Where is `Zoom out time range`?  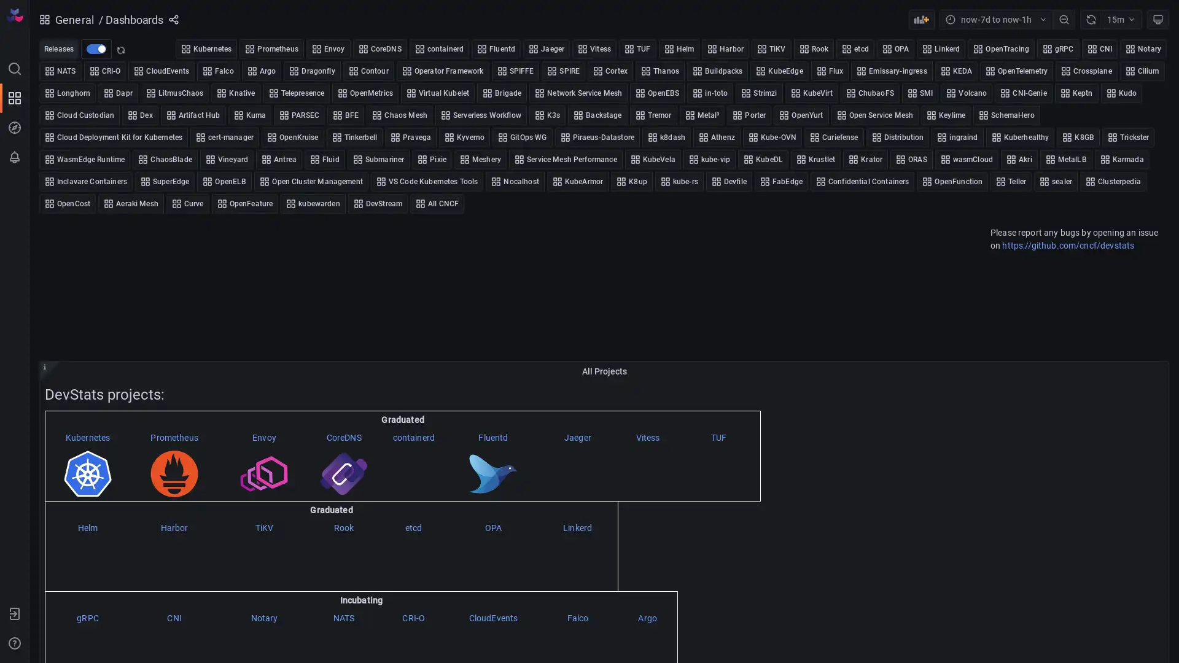 Zoom out time range is located at coordinates (1063, 19).